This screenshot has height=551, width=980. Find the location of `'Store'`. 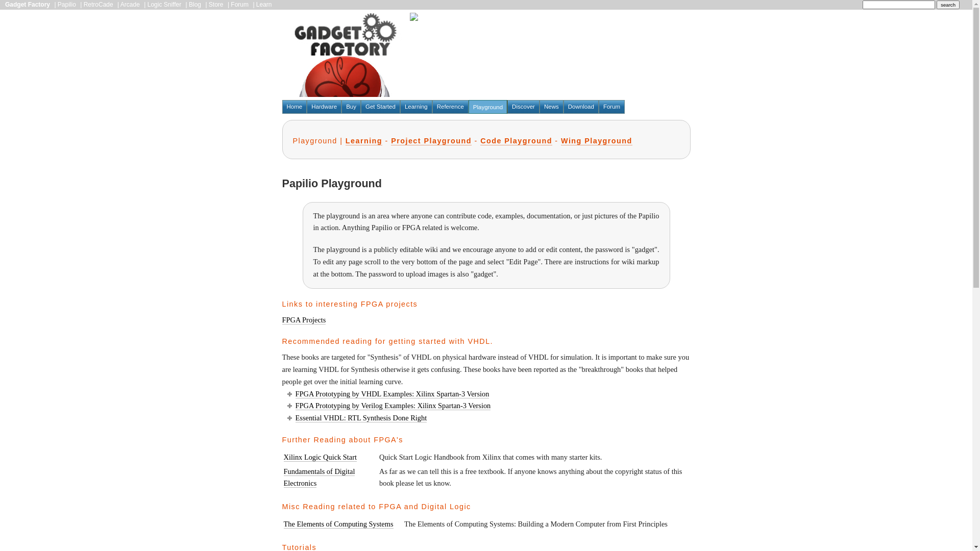

'Store' is located at coordinates (215, 4).